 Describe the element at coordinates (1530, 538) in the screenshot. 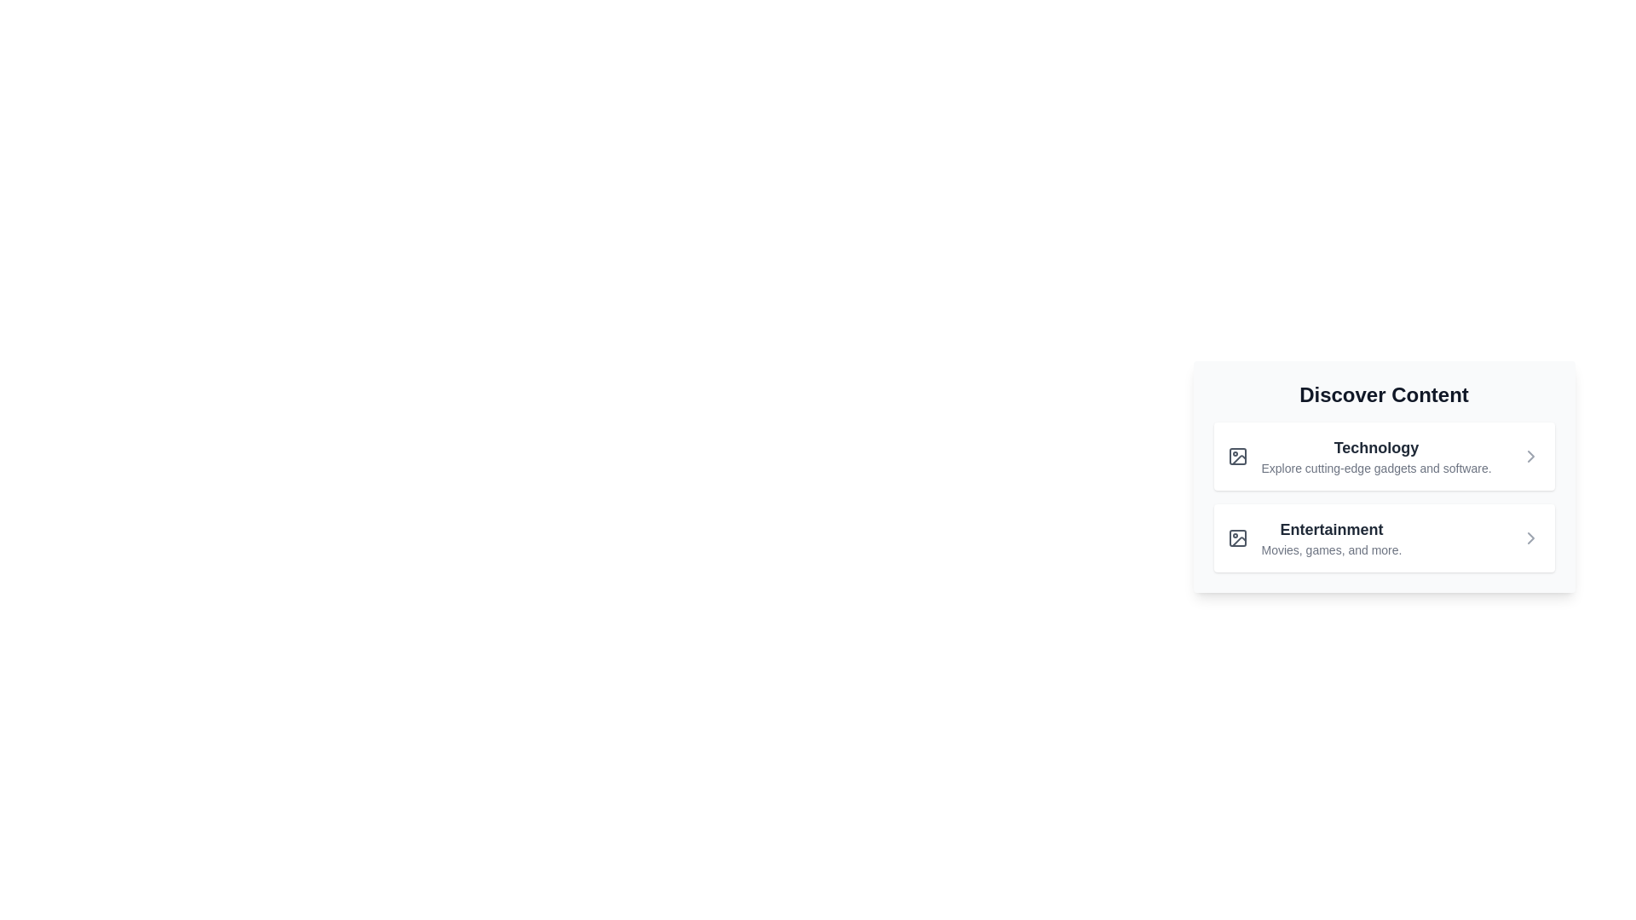

I see `the small right-pointing chevron icon at the end of the 'Entertainment' section` at that location.